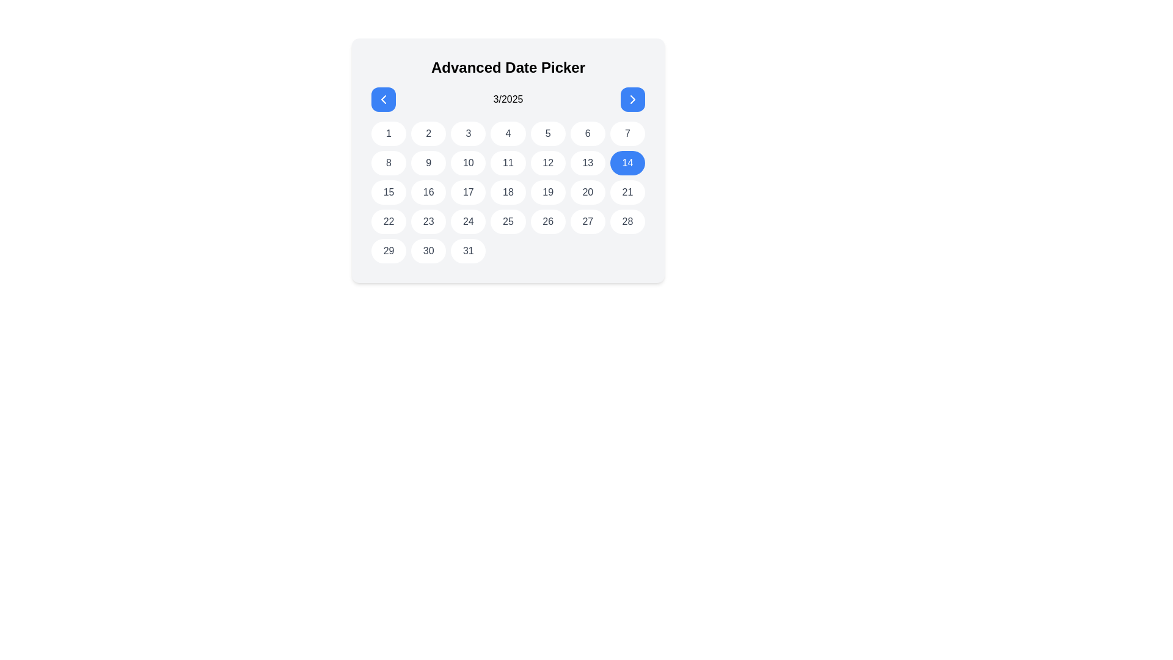 The width and height of the screenshot is (1173, 660). What do you see at coordinates (547, 221) in the screenshot?
I see `the button representing the date 26 in the calendar` at bounding box center [547, 221].